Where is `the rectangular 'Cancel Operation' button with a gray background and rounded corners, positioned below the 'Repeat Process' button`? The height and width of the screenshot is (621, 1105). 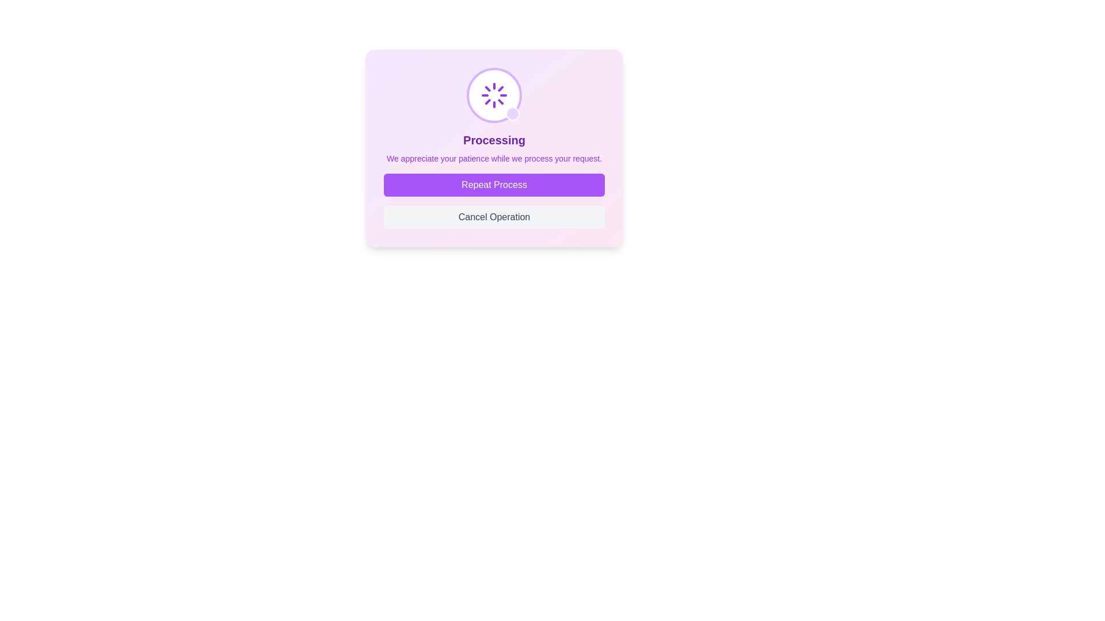
the rectangular 'Cancel Operation' button with a gray background and rounded corners, positioned below the 'Repeat Process' button is located at coordinates (494, 217).